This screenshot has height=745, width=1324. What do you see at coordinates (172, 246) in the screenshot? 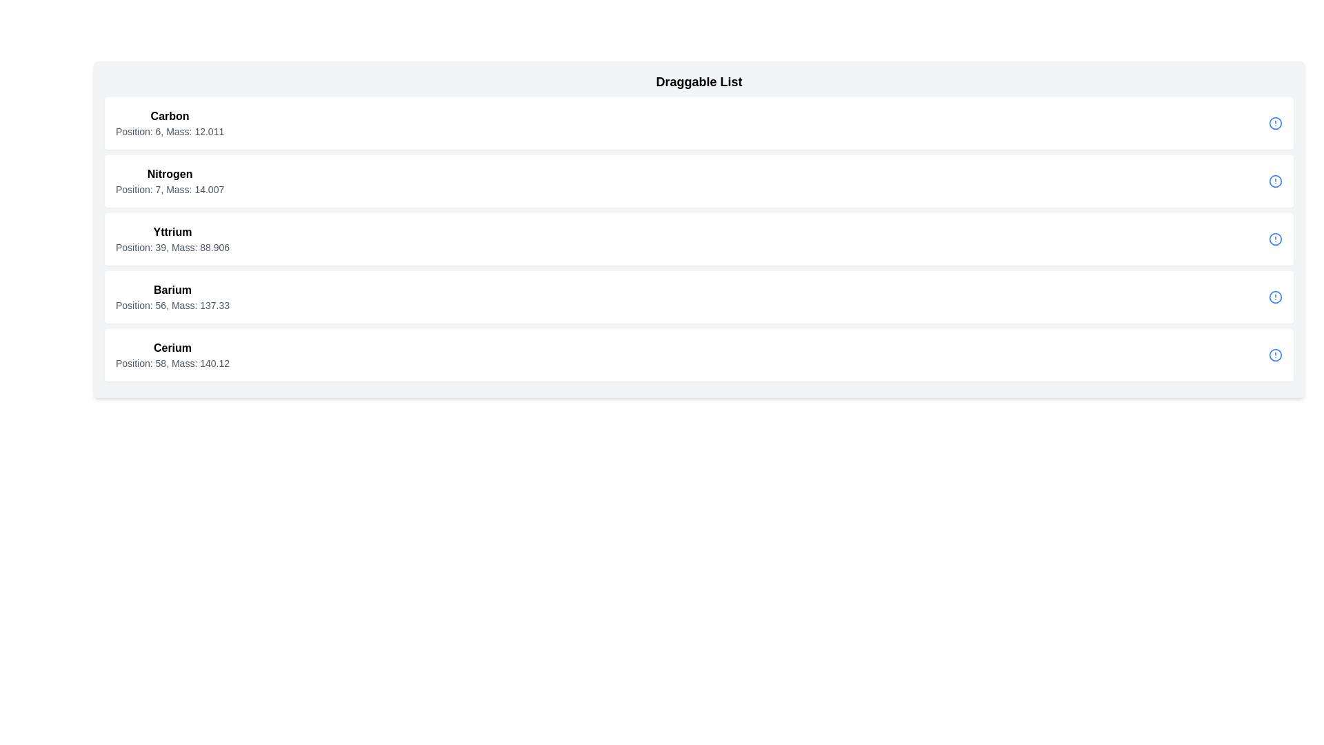
I see `informational text displaying 'Position: 39, Mass: 88.906' located beneath the label 'Yttrium'` at bounding box center [172, 246].